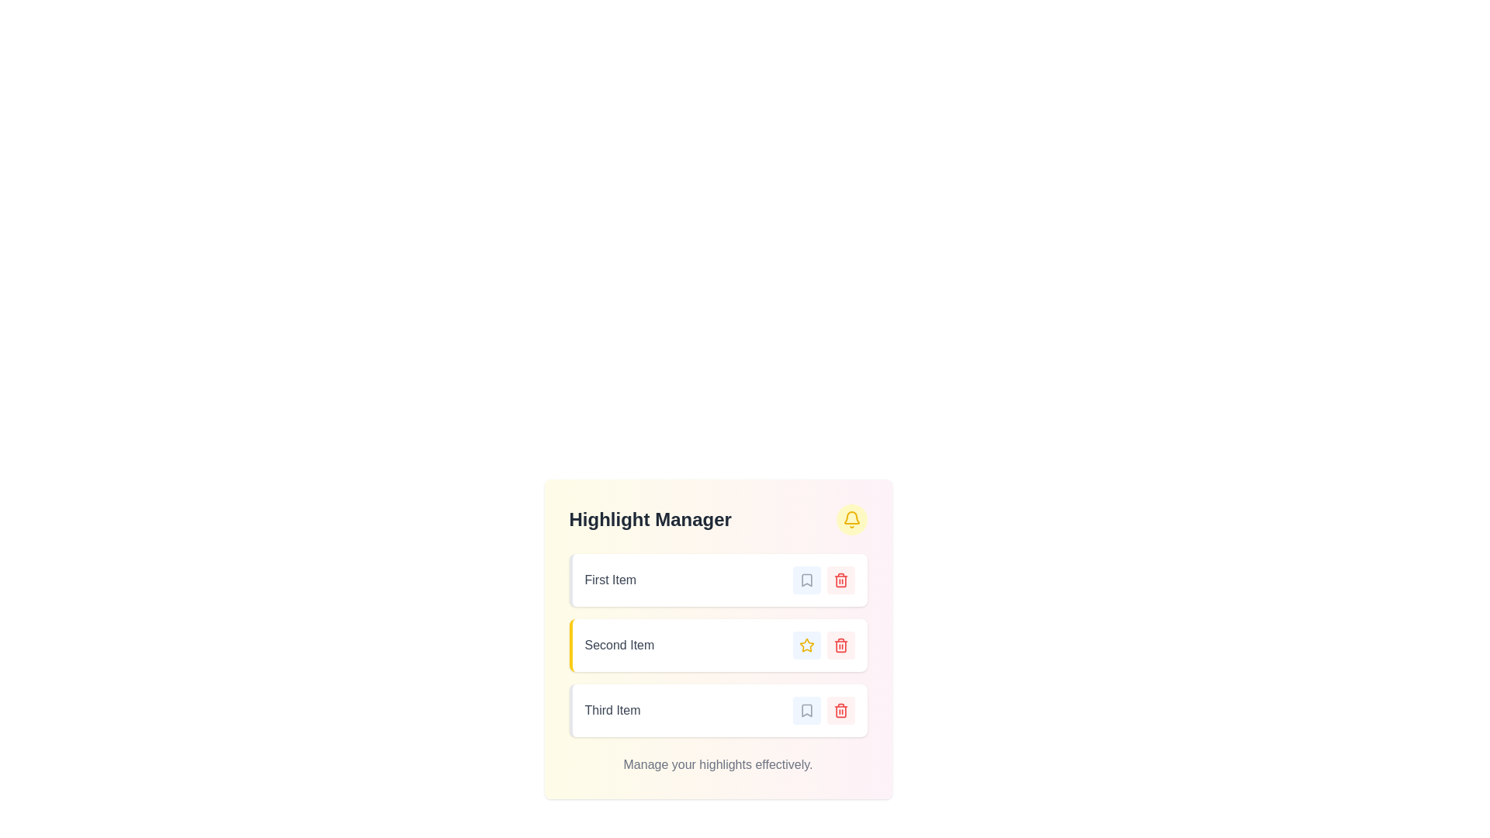 Image resolution: width=1490 pixels, height=838 pixels. Describe the element at coordinates (840, 580) in the screenshot. I see `the delete button located in the top-right corner of the 'First Item' block in the Highlight Manager interface` at that location.